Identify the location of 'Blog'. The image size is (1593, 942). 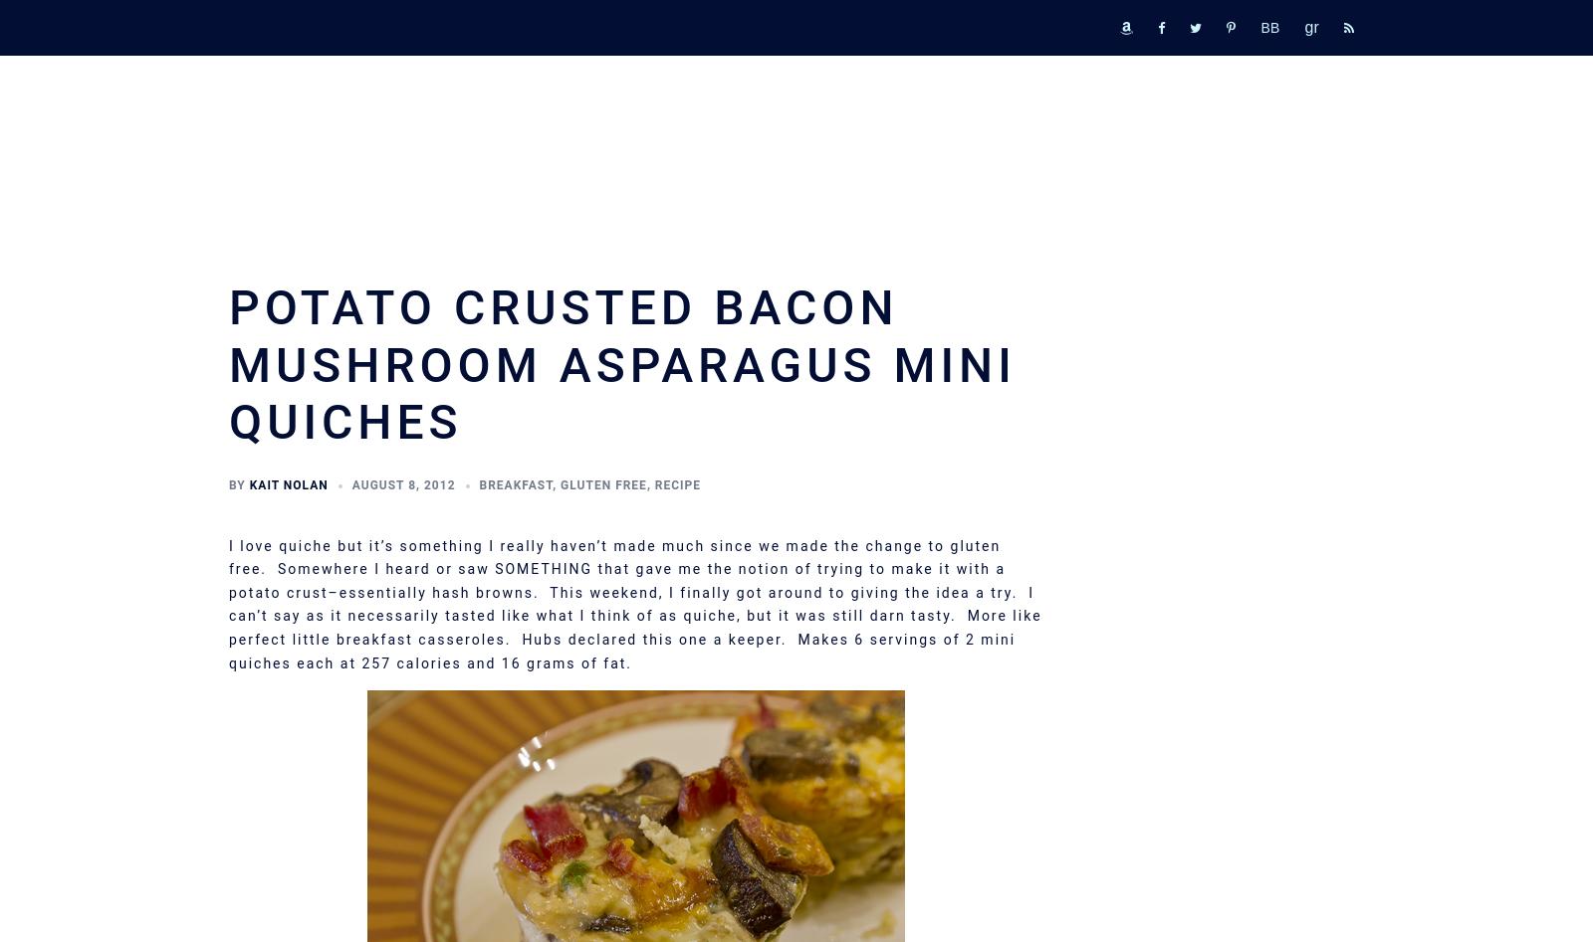
(1099, 507).